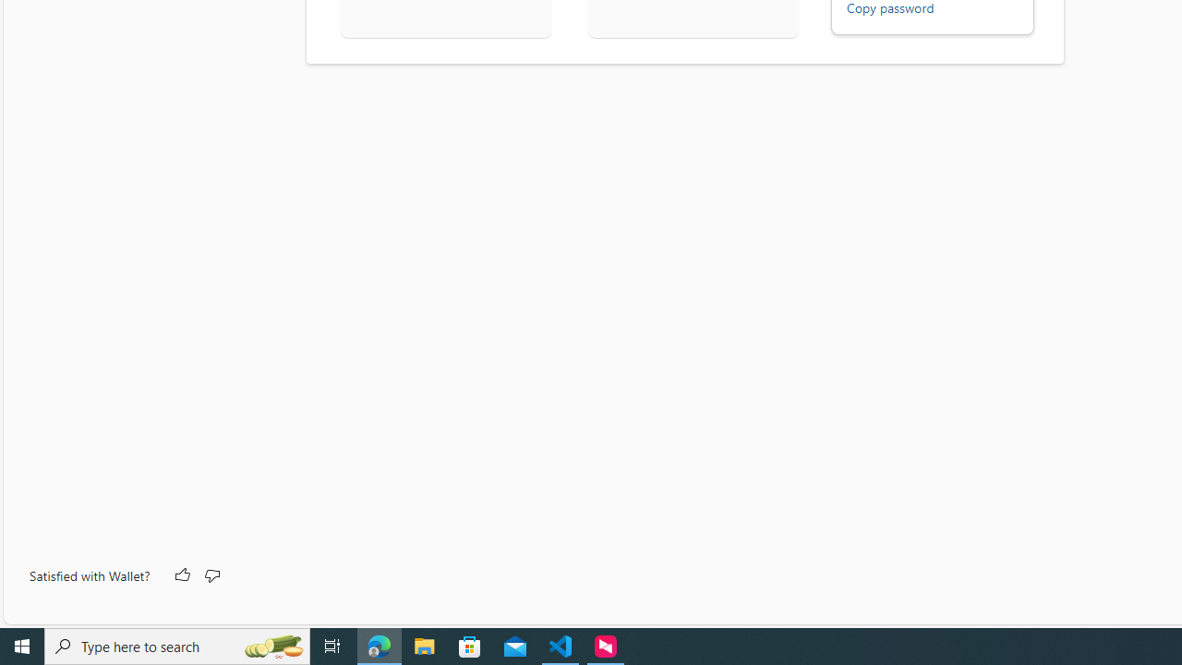 The height and width of the screenshot is (665, 1182). What do you see at coordinates (177, 645) in the screenshot?
I see `'Type here to search'` at bounding box center [177, 645].